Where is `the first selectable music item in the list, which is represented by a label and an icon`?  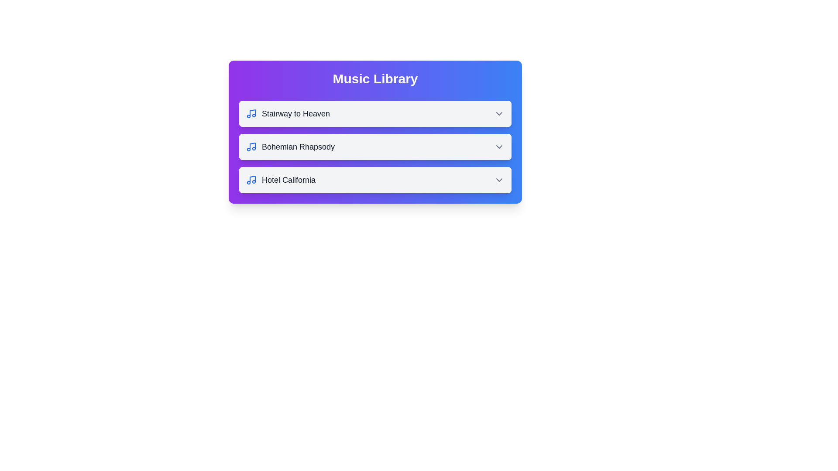 the first selectable music item in the list, which is represented by a label and an icon is located at coordinates (288, 113).